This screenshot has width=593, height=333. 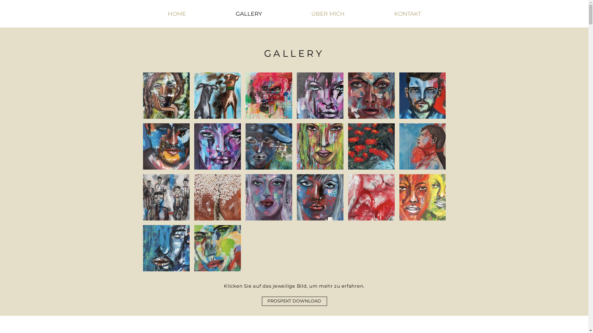 What do you see at coordinates (407, 14) in the screenshot?
I see `'KONTAKT'` at bounding box center [407, 14].